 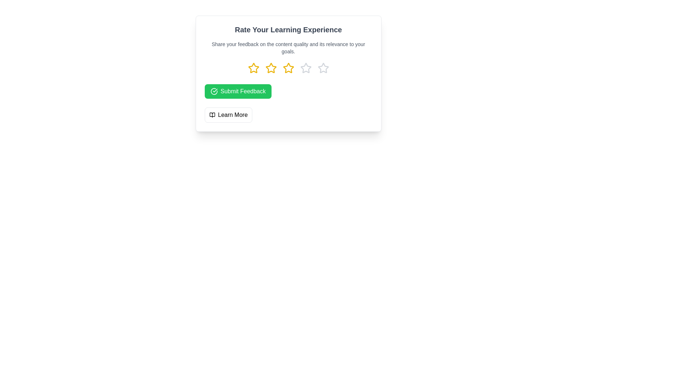 What do you see at coordinates (228, 114) in the screenshot?
I see `the 'Learn More' button to explore additional information` at bounding box center [228, 114].